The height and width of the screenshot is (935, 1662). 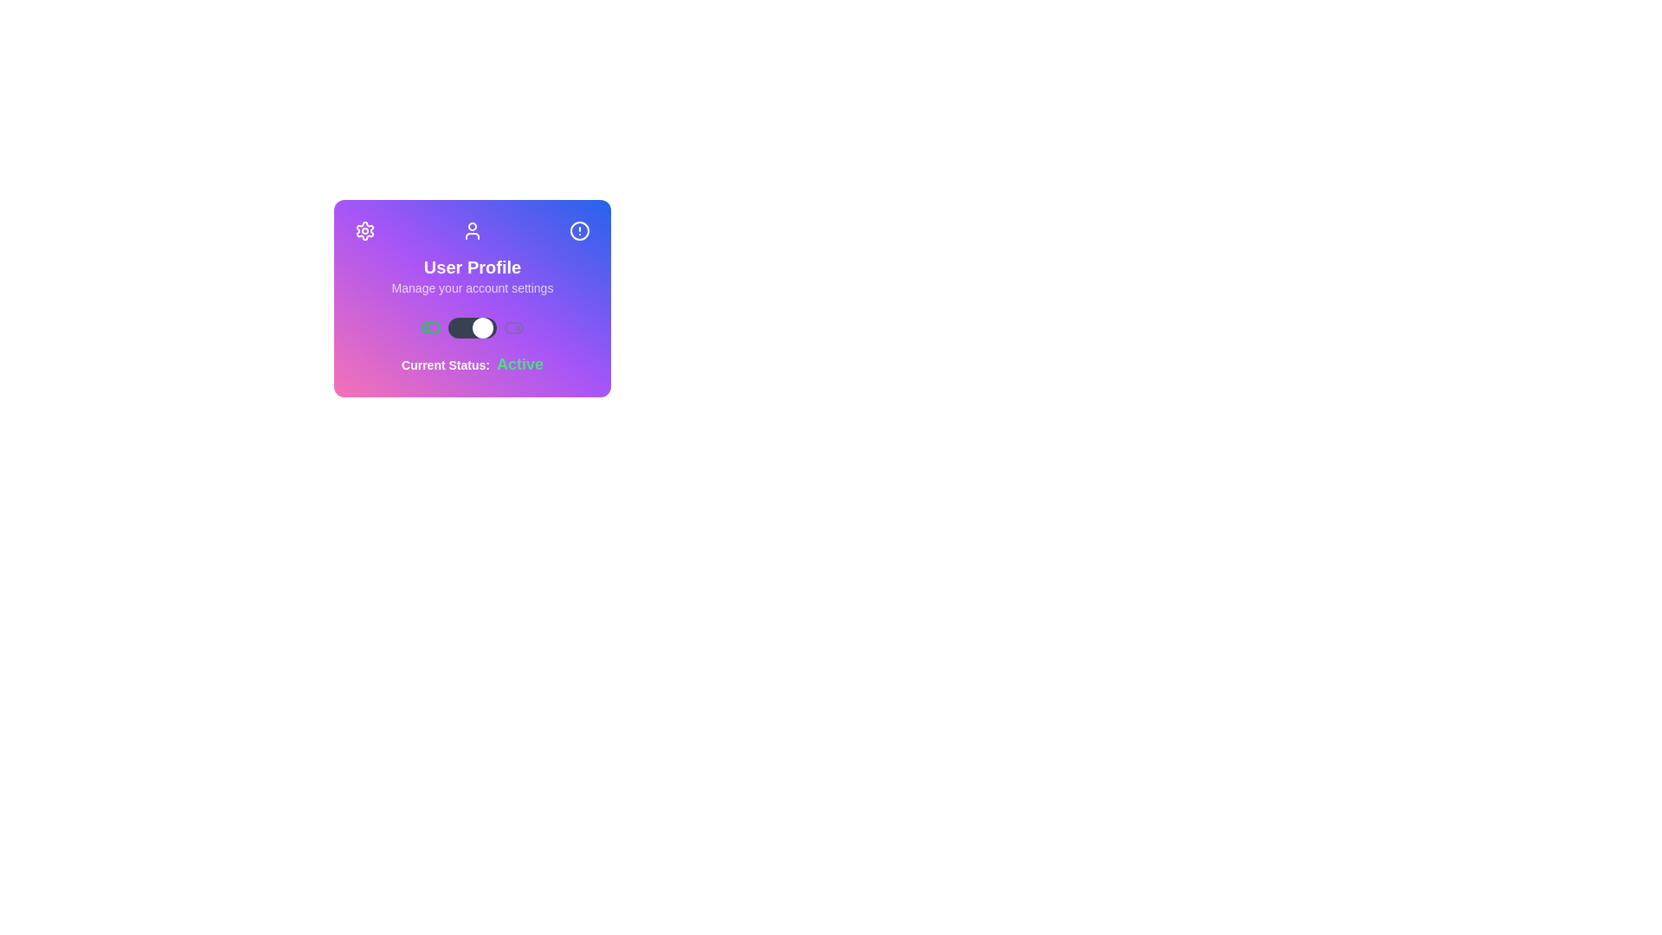 What do you see at coordinates (473, 287) in the screenshot?
I see `the text label that says 'Manage your account settings', which is styled in a smaller font and positioned below the 'User Profile' label` at bounding box center [473, 287].